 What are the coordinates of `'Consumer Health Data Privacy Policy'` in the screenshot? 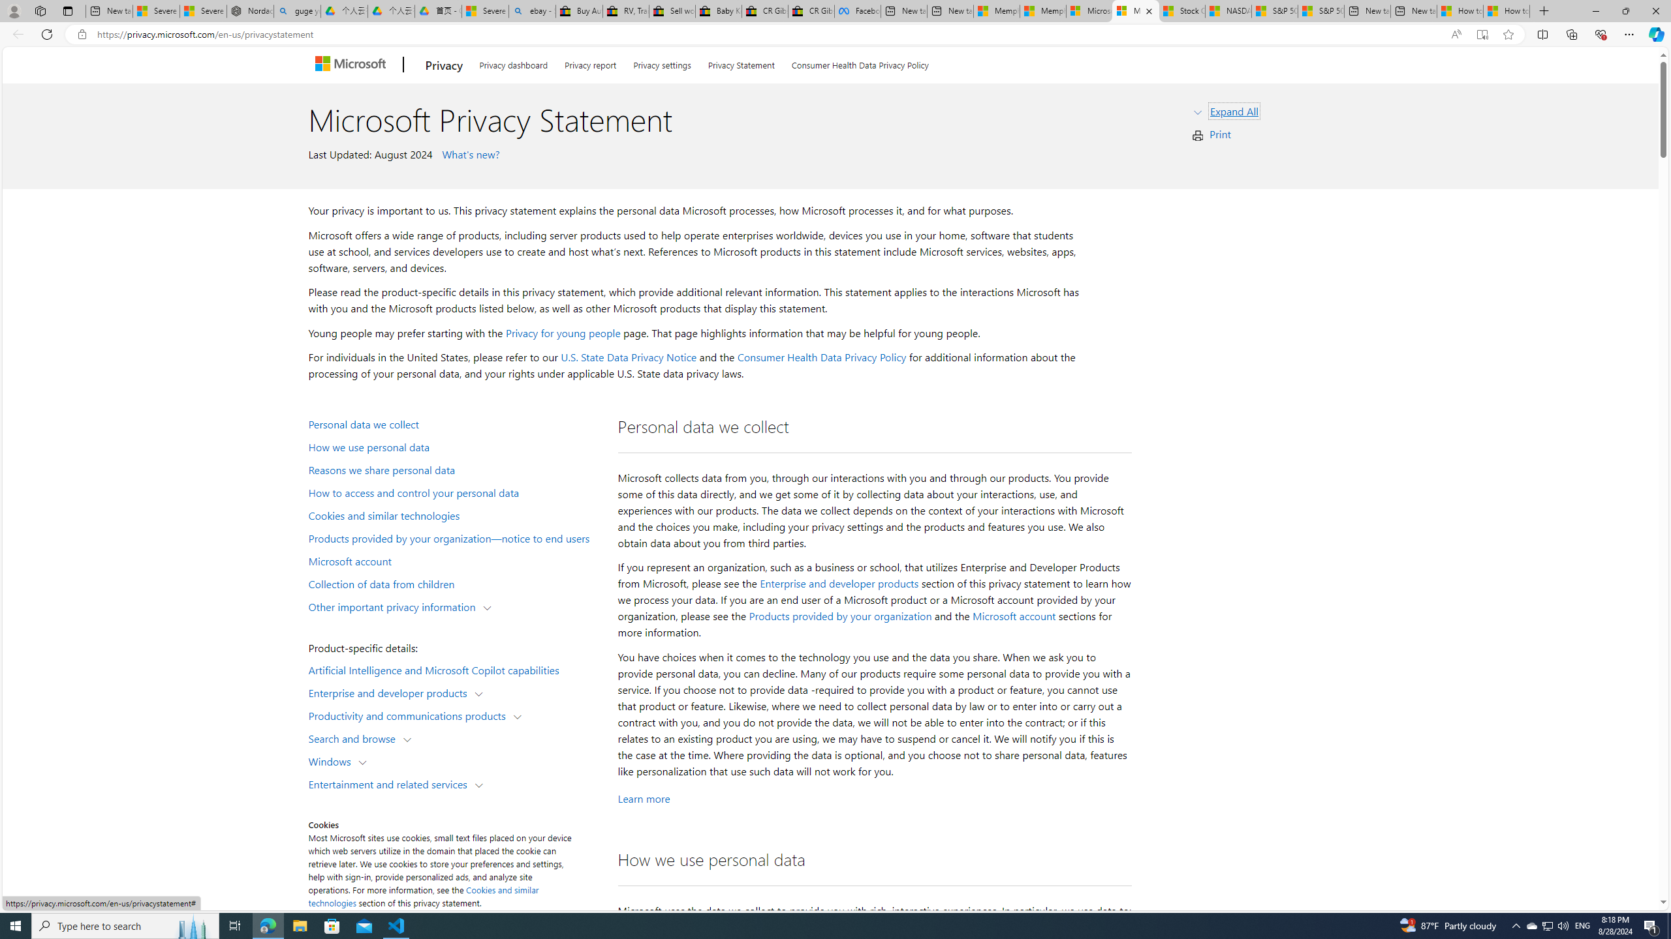 It's located at (822, 357).